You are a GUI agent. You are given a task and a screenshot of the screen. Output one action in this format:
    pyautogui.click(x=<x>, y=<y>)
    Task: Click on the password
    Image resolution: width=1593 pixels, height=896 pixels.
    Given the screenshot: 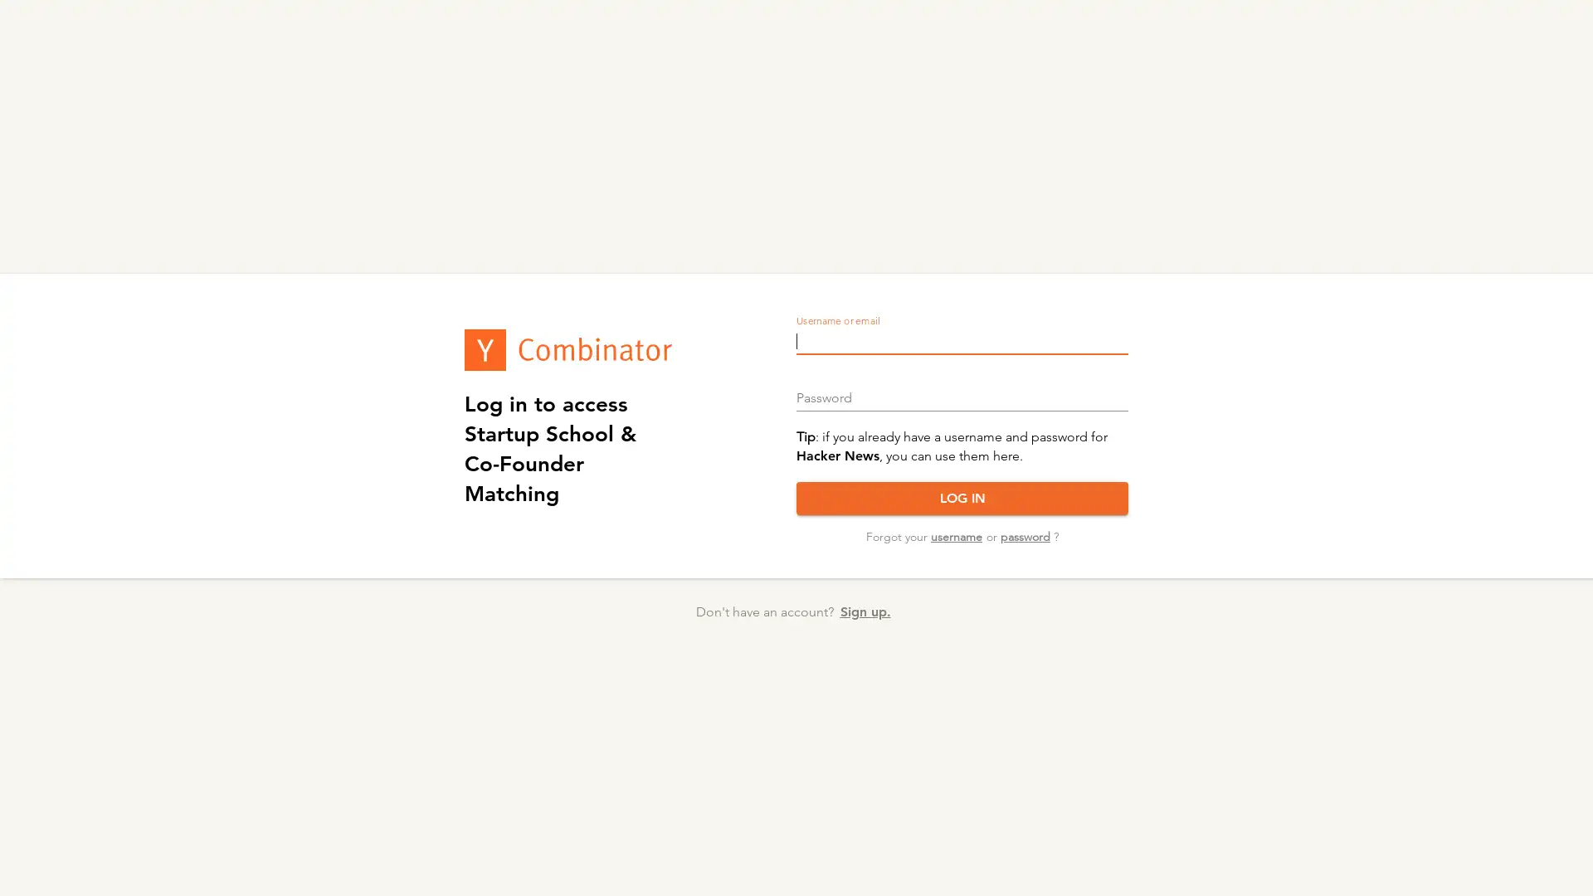 What is the action you would take?
    pyautogui.click(x=1023, y=537)
    